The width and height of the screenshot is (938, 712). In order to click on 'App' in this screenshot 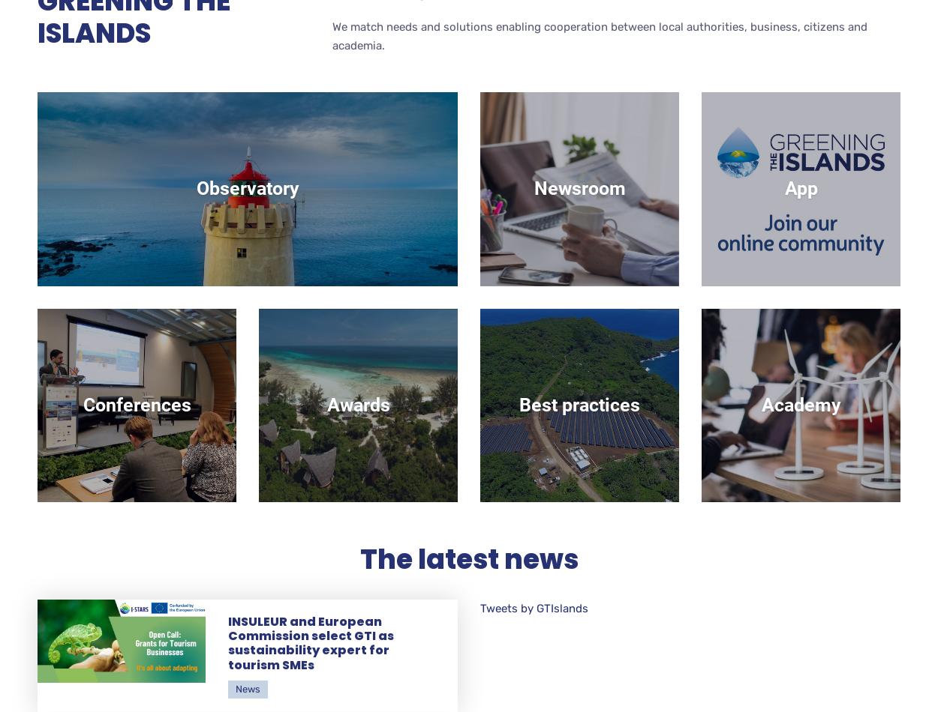, I will do `click(800, 187)`.